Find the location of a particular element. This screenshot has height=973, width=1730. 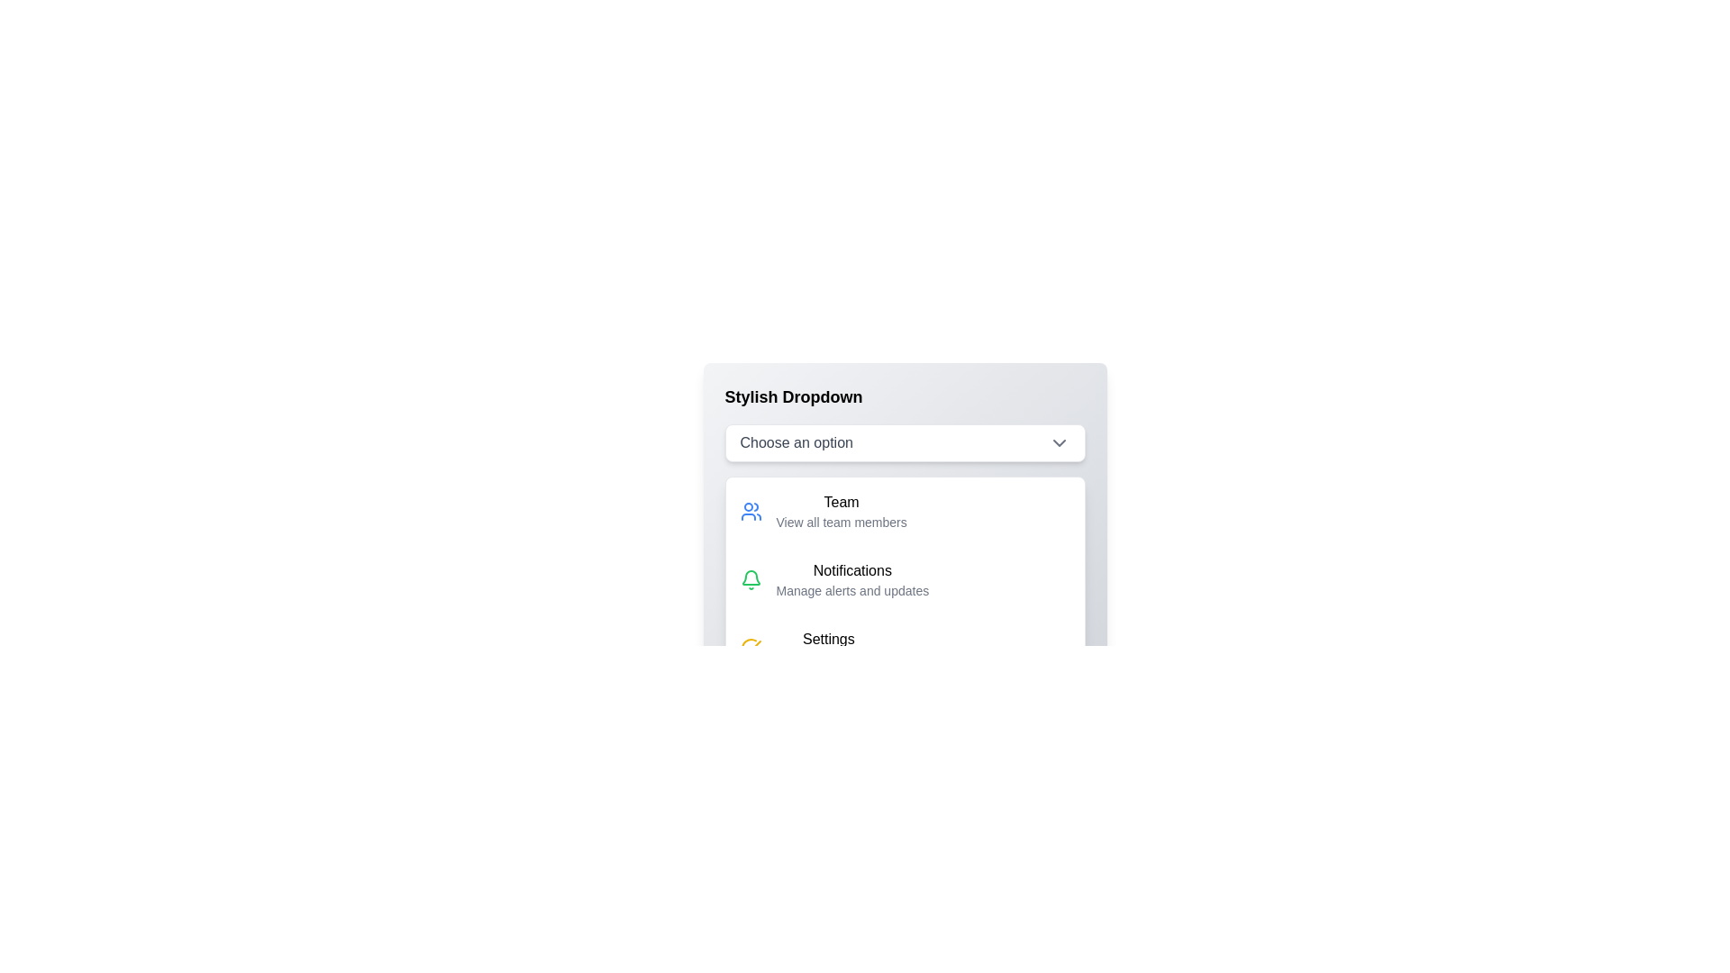

the second item in the dropdown menu, which is a clickable list item for managing notifications is located at coordinates (905, 580).